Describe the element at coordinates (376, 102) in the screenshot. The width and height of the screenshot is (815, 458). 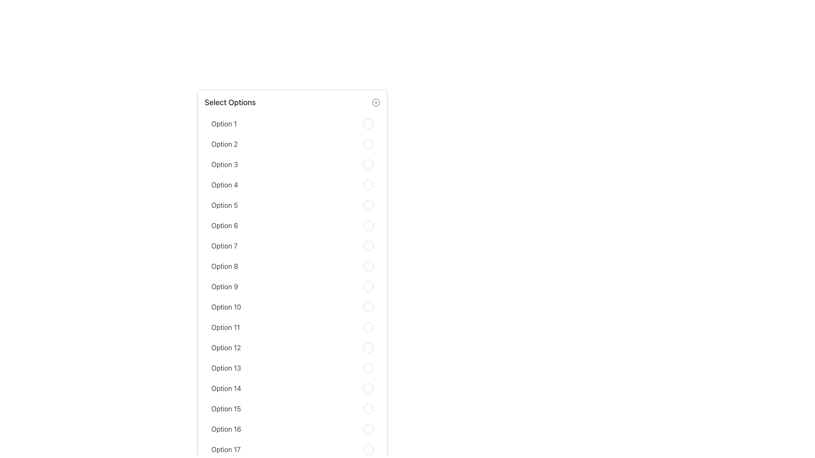
I see `the circular '+' icon in the header section titled 'Select Options'` at that location.